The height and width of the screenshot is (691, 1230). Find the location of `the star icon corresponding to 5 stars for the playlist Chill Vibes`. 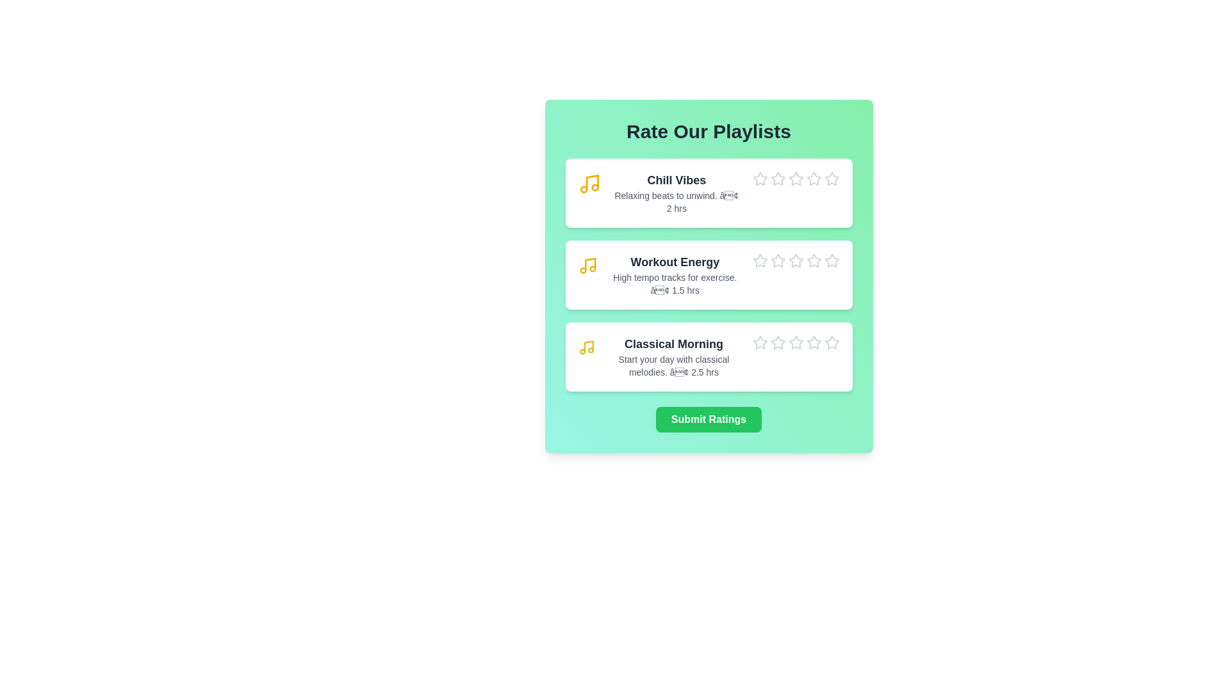

the star icon corresponding to 5 stars for the playlist Chill Vibes is located at coordinates (824, 170).